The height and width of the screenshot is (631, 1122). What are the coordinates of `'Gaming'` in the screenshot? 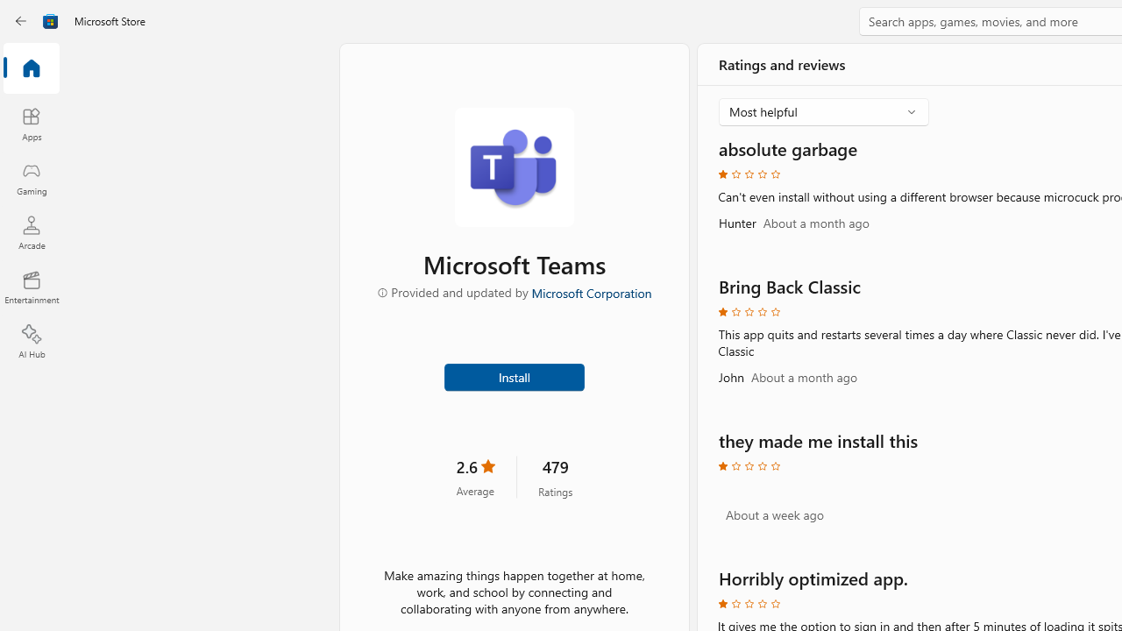 It's located at (31, 178).